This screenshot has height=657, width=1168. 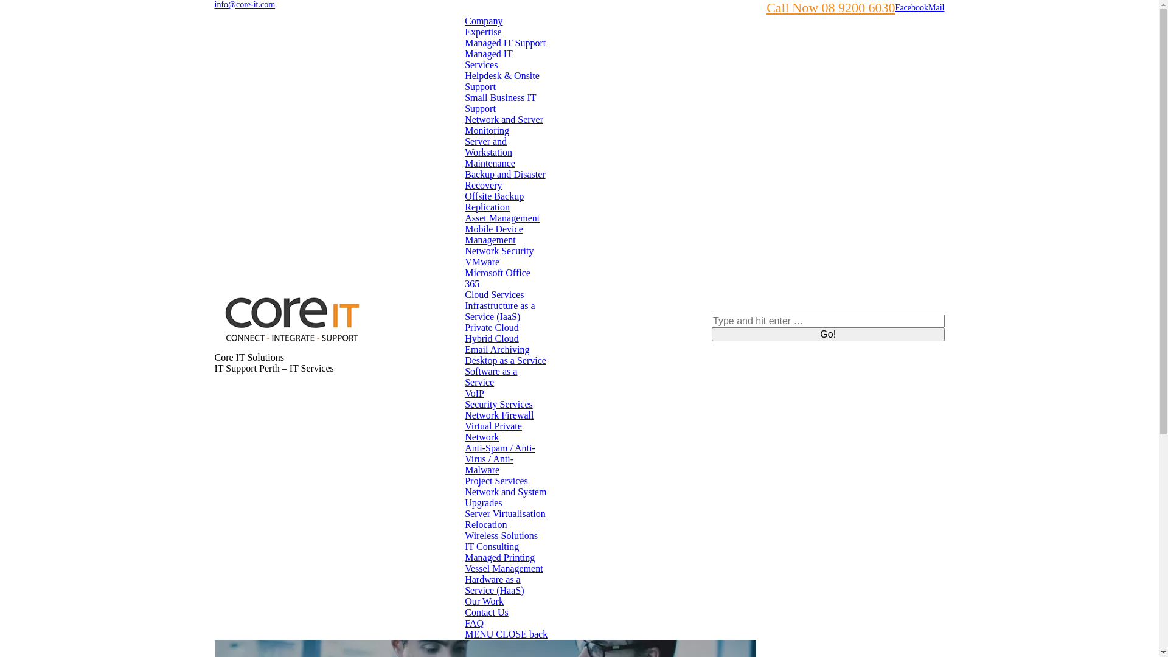 I want to click on 'Offsite Backup Replication', so click(x=464, y=201).